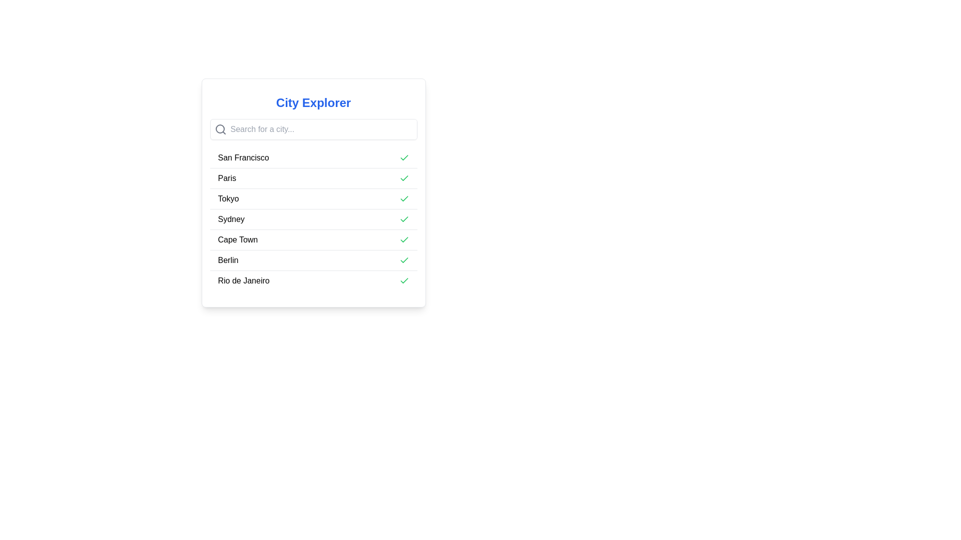 The image size is (961, 540). Describe the element at coordinates (404, 239) in the screenshot. I see `the SVG checkmark icon that indicates 'Cape Town' is selected in the vertical list of city names` at that location.